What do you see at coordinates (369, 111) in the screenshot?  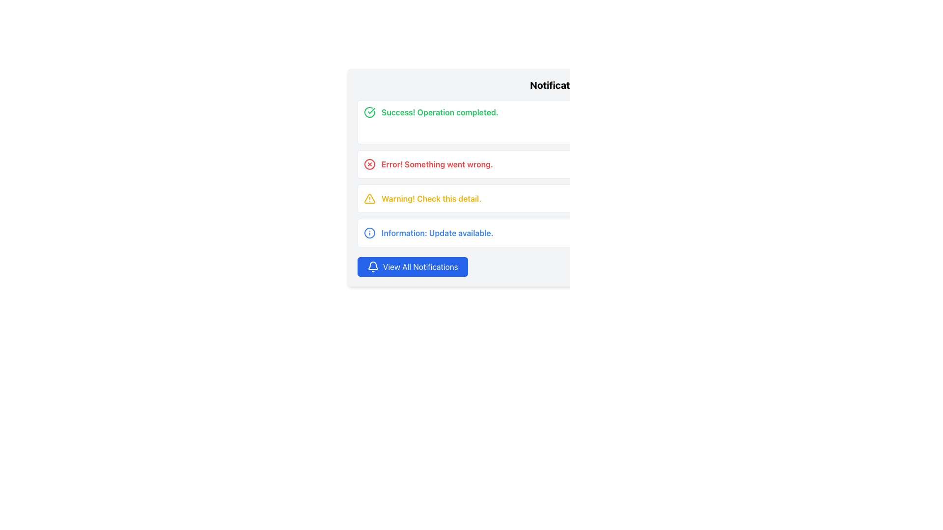 I see `the status indicator icon that visually conveys a completed success operation, located to the left of the text 'Success! Operation completed.'` at bounding box center [369, 111].